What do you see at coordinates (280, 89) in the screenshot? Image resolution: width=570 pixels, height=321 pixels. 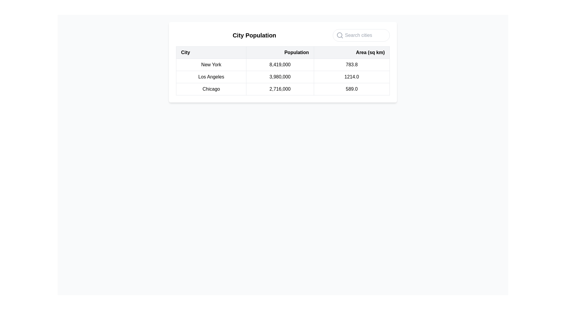 I see `the text field displaying '2,716,000' in the Population column for Chicago` at bounding box center [280, 89].